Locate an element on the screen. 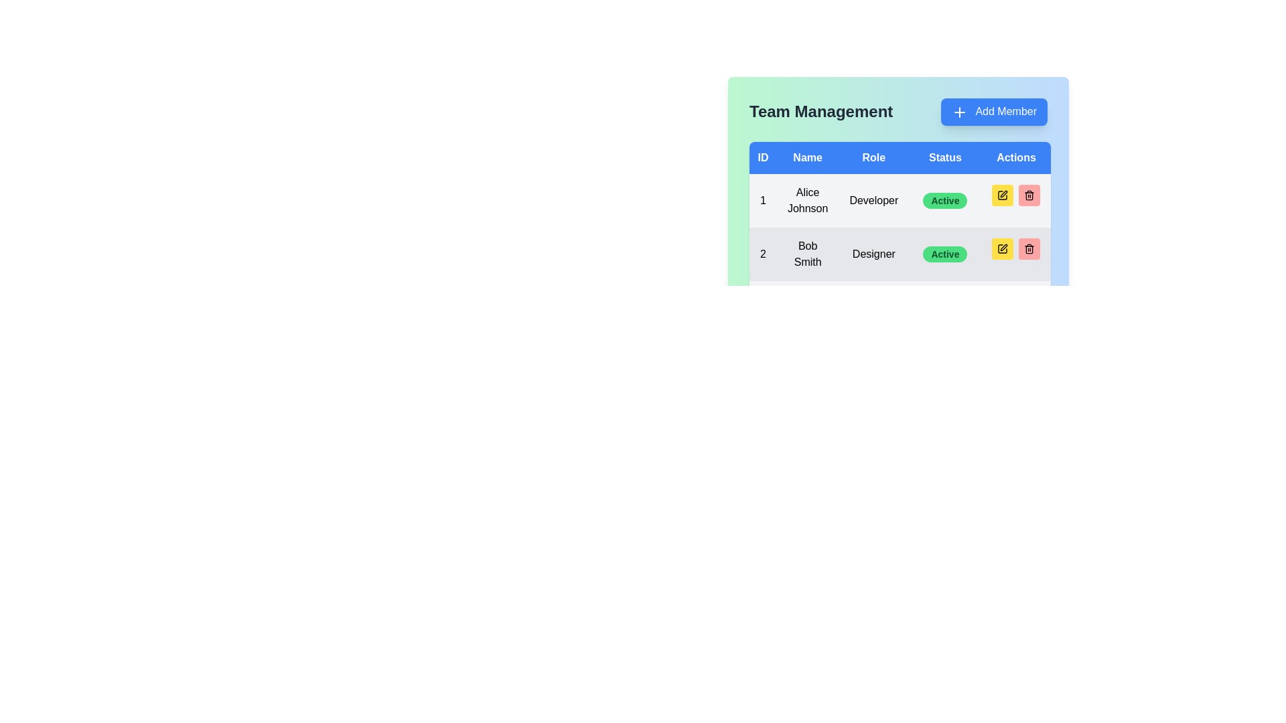 Image resolution: width=1286 pixels, height=723 pixels. the first data row in the 'Team Management' section is located at coordinates (900, 200).